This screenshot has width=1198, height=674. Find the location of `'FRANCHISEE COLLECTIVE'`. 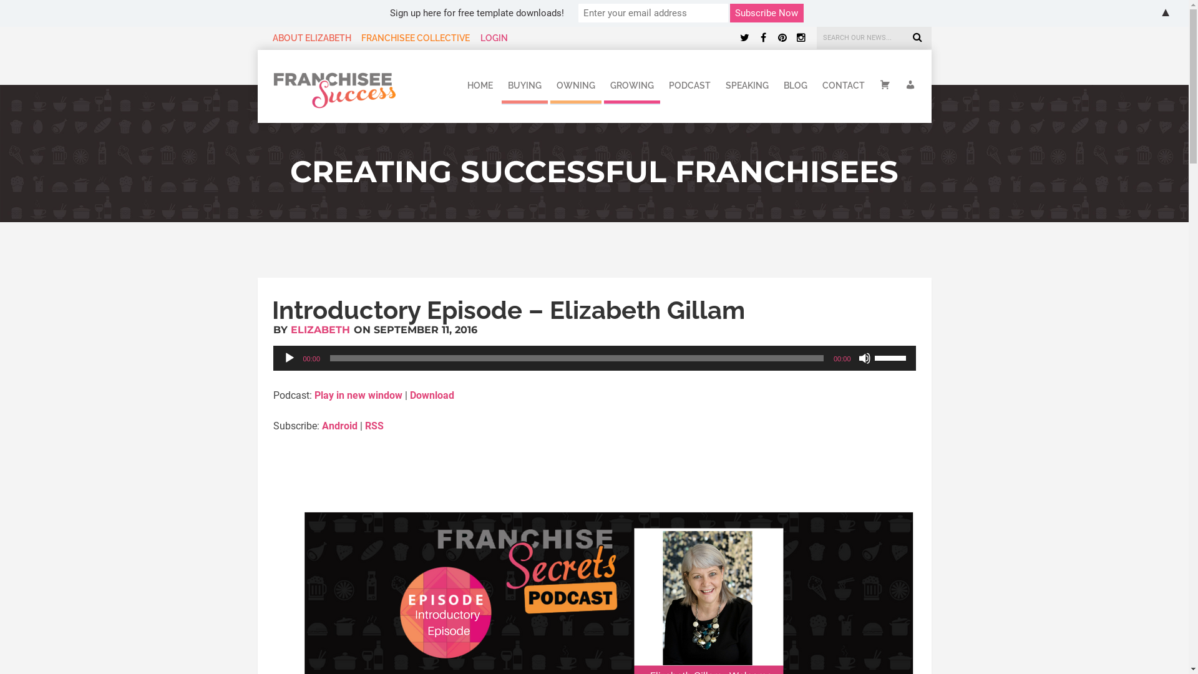

'FRANCHISEE COLLECTIVE' is located at coordinates (416, 37).